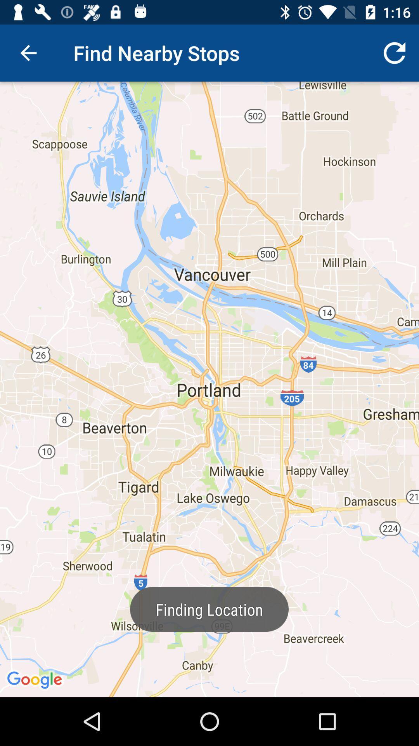  Describe the element at coordinates (395, 52) in the screenshot. I see `icon next to the find nearby stops icon` at that location.